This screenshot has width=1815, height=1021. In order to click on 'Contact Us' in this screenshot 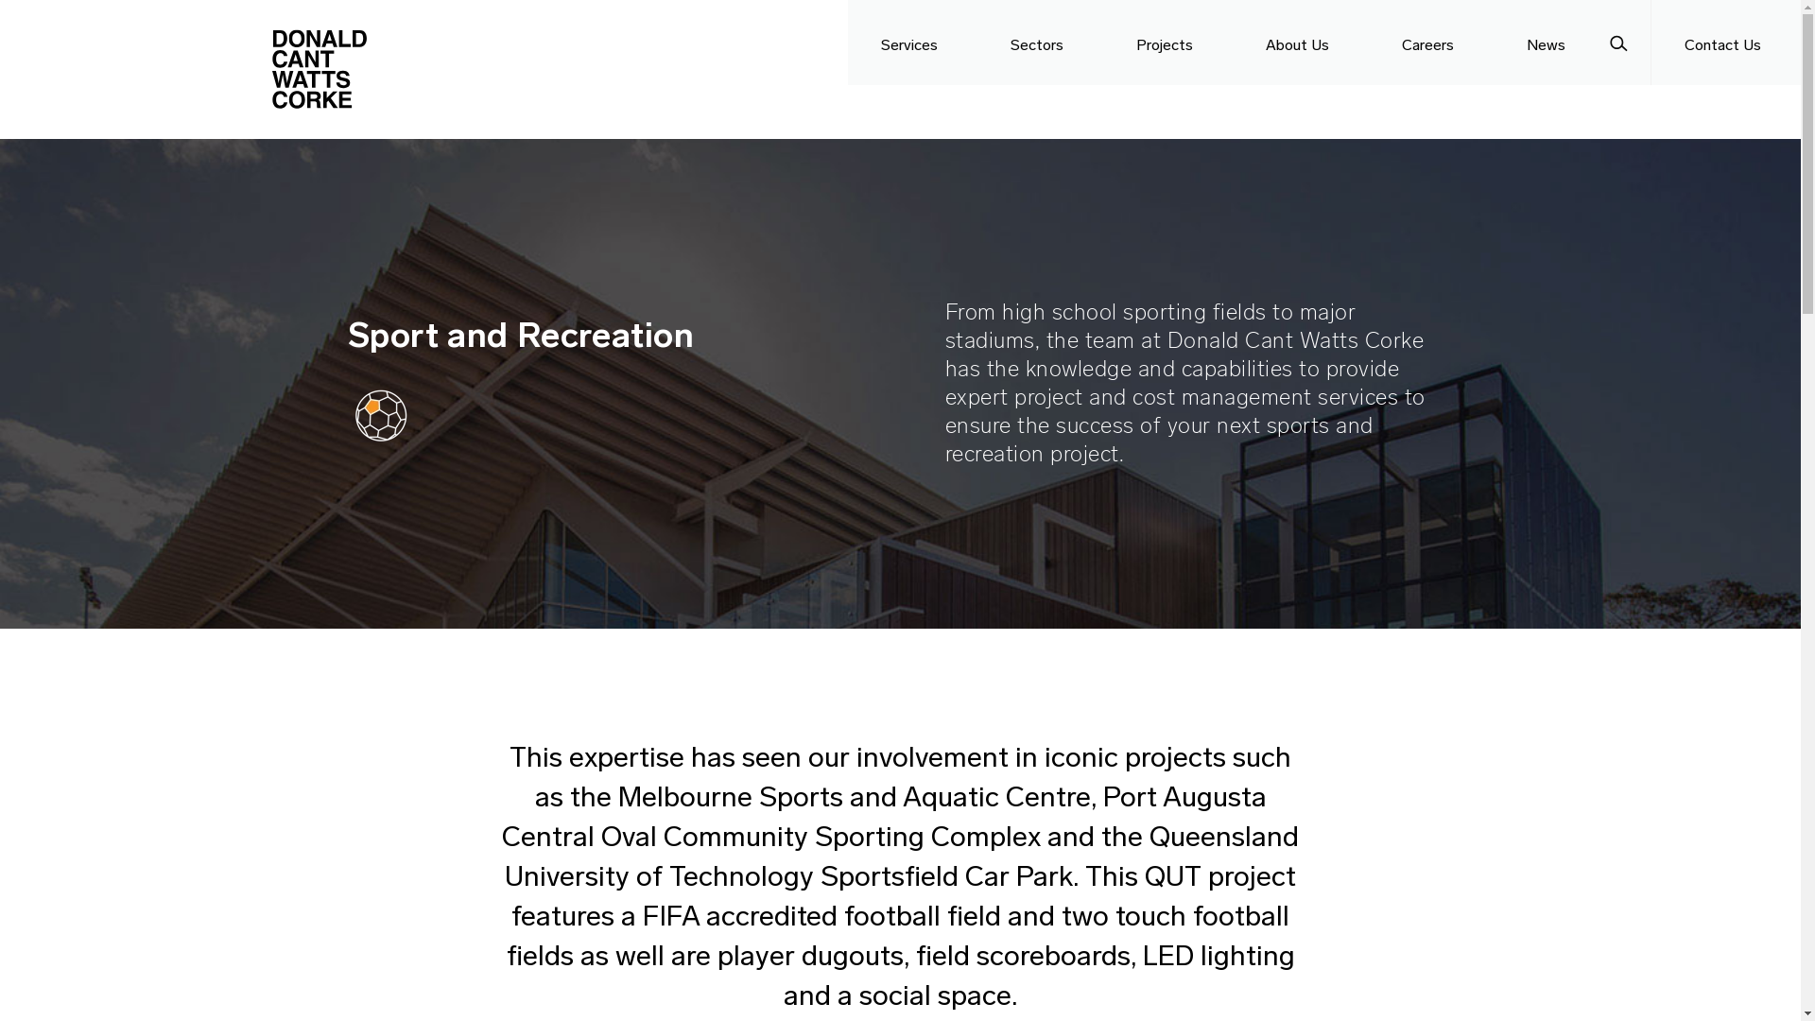, I will do `click(1725, 43)`.